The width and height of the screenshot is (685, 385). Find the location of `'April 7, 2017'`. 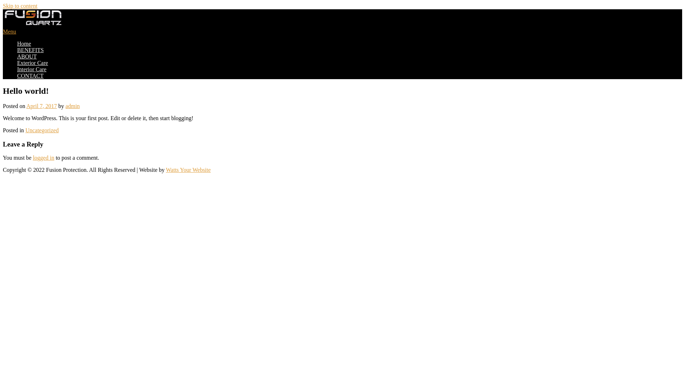

'April 7, 2017' is located at coordinates (26, 106).